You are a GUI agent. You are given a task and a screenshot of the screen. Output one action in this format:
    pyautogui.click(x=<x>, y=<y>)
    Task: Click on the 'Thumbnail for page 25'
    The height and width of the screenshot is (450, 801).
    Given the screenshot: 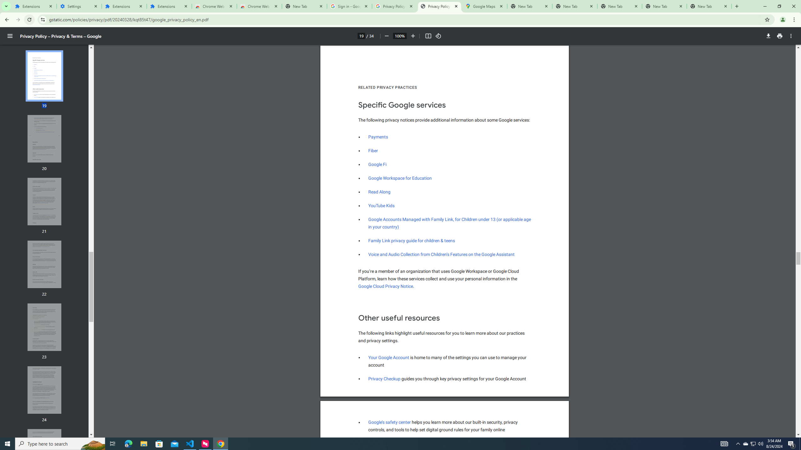 What is the action you would take?
    pyautogui.click(x=44, y=450)
    